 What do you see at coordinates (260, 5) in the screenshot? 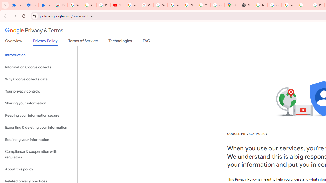
I see `'https://scholar.google.com/'` at bounding box center [260, 5].